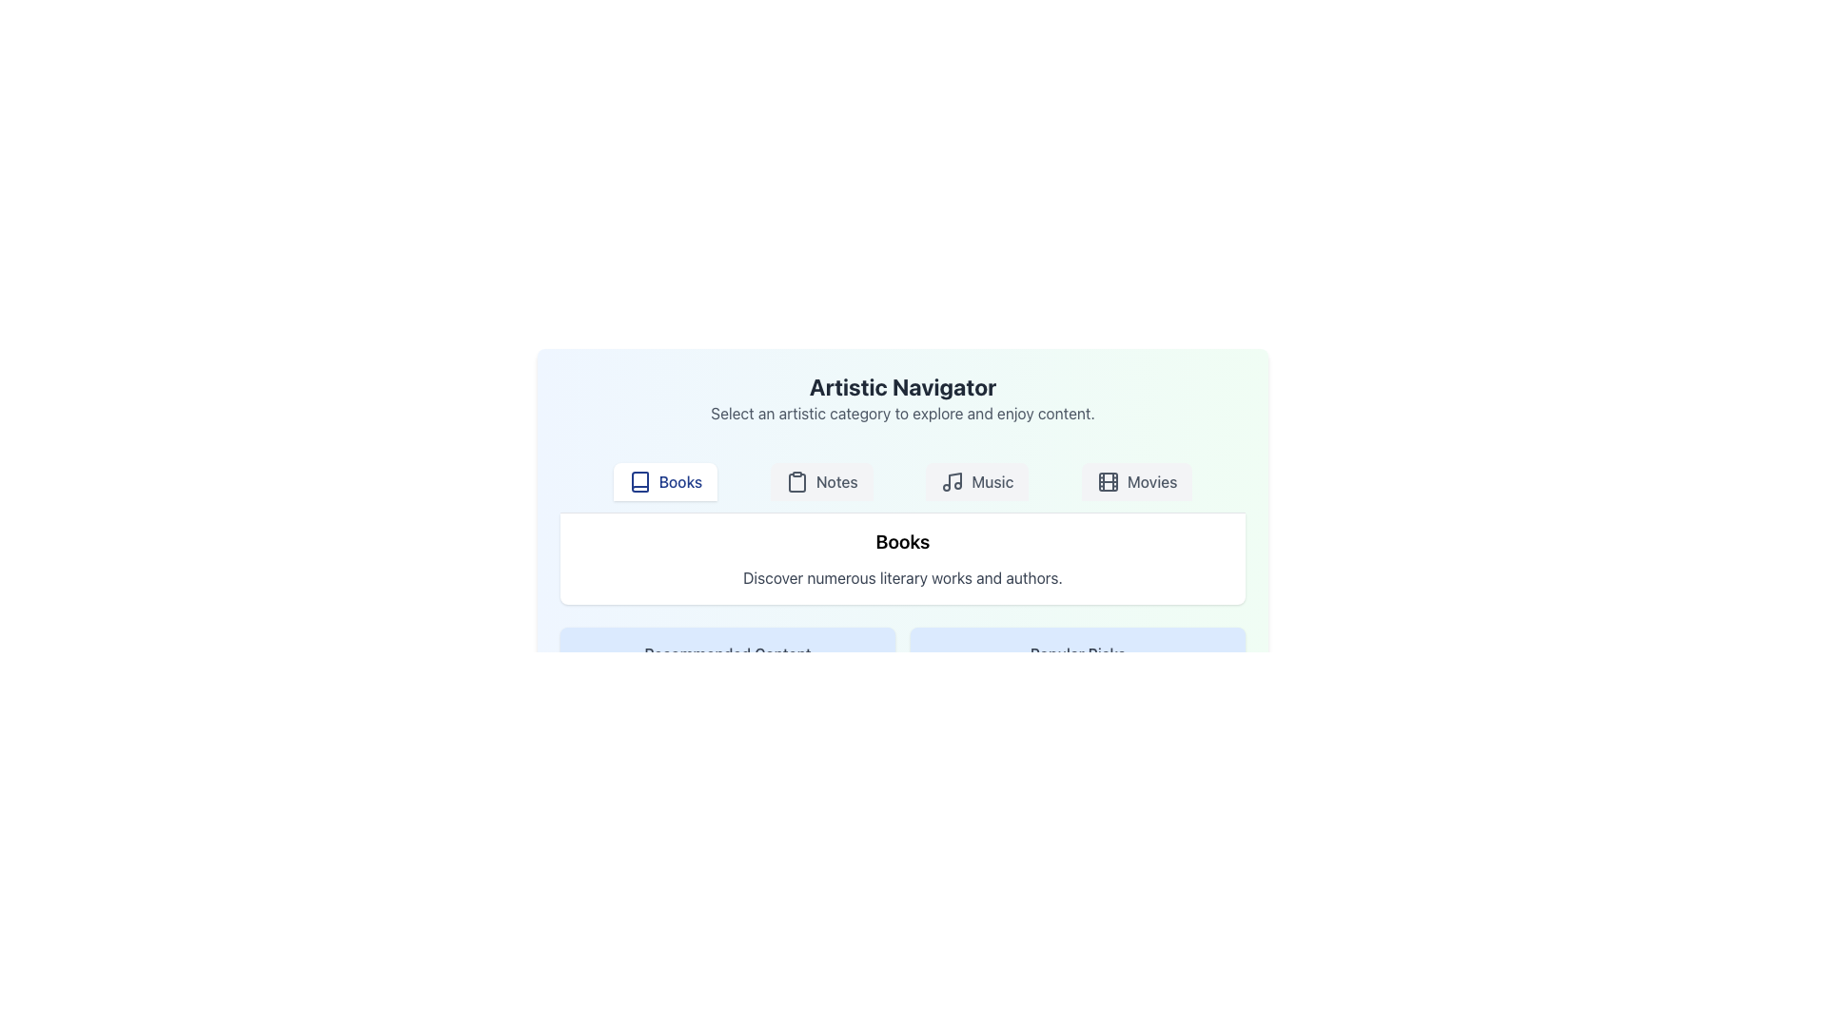  What do you see at coordinates (953, 480) in the screenshot?
I see `the musical note icon in the segmented menu labeled 'Music', located between 'Notes' and 'Movies'` at bounding box center [953, 480].